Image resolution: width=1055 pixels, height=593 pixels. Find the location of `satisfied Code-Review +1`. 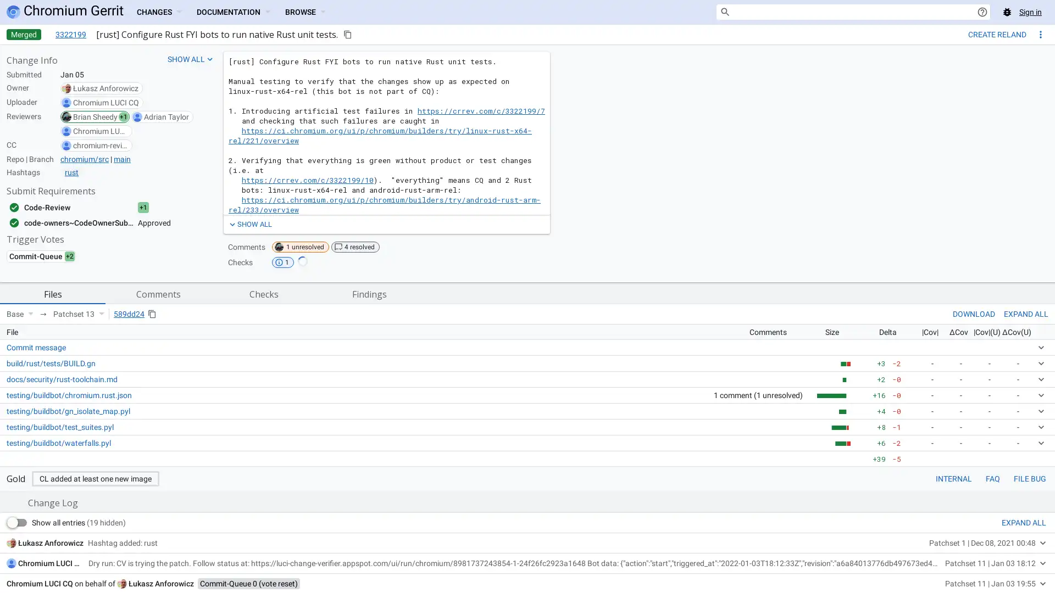

satisfied Code-Review +1 is located at coordinates (90, 208).